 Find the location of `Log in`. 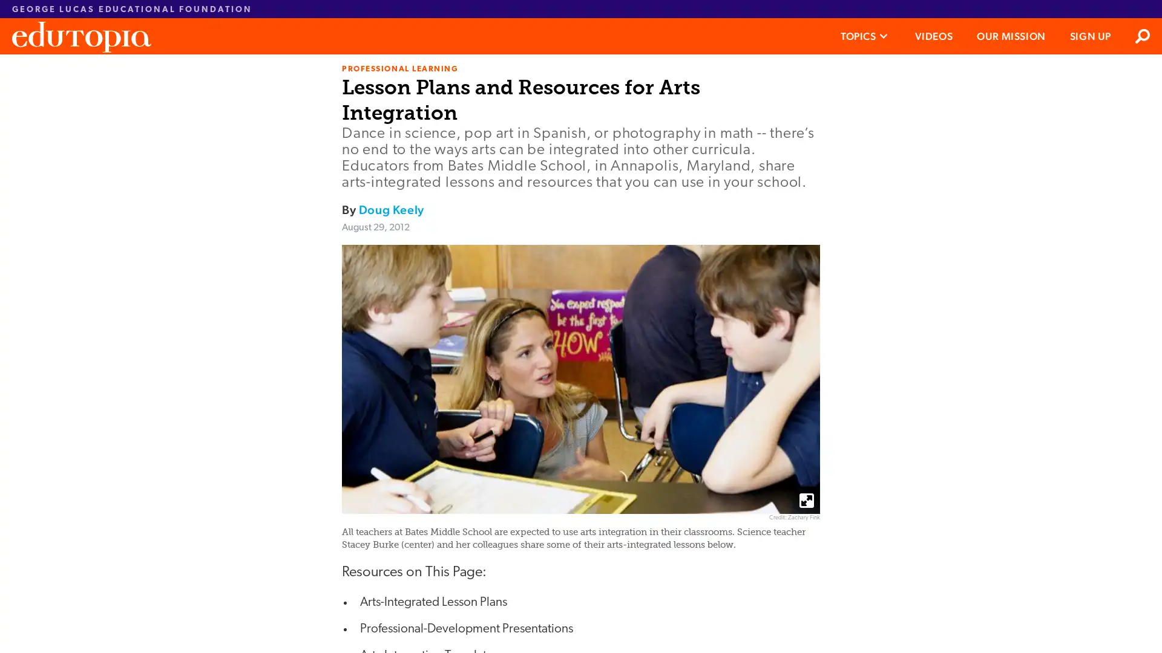

Log in is located at coordinates (571, 363).